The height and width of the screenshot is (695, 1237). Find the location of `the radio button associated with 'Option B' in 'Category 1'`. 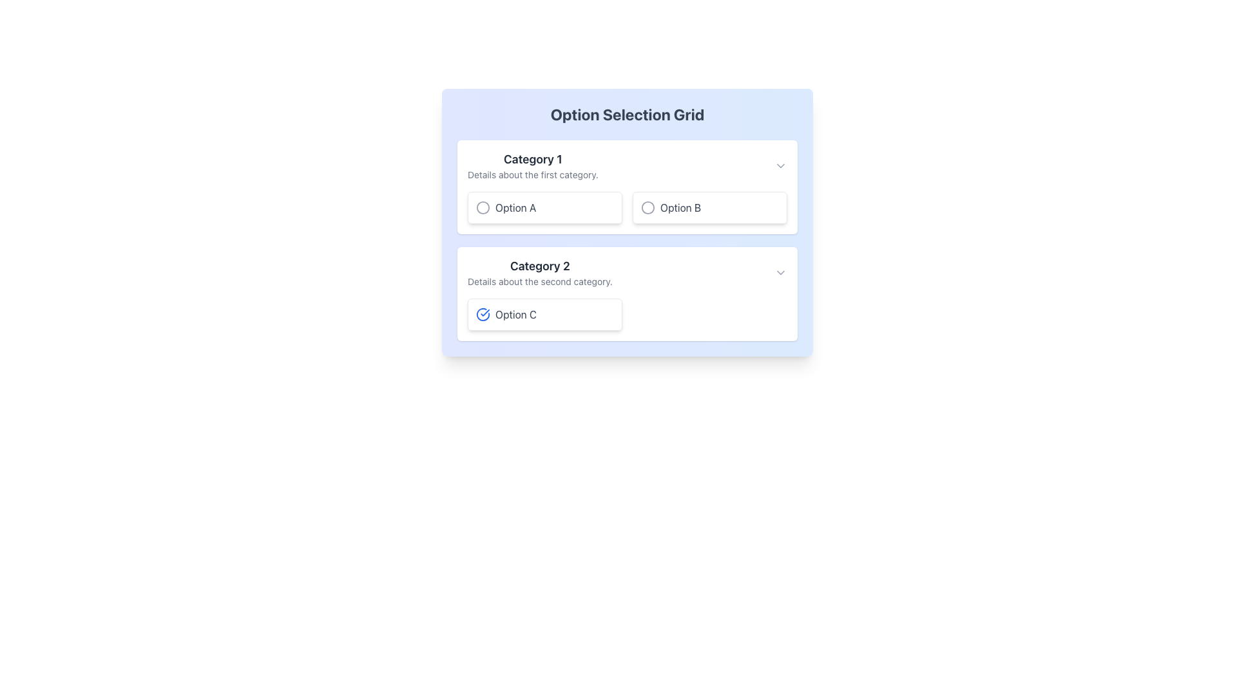

the radio button associated with 'Option B' in 'Category 1' is located at coordinates (648, 207).